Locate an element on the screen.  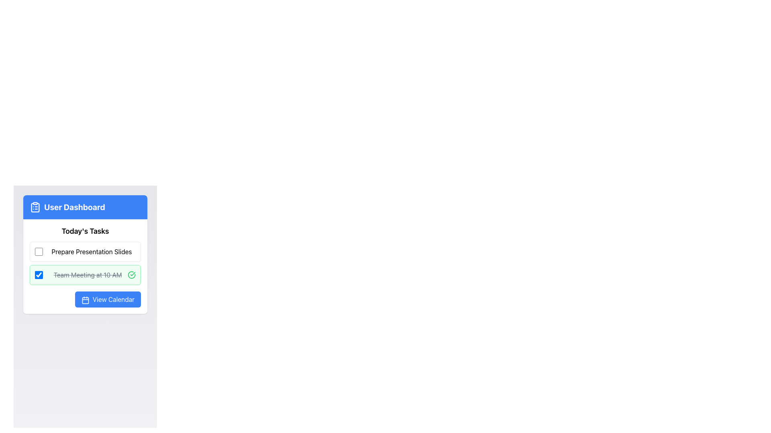
the Static Text Display that serves as a title or section header for the list of tasks, positioned under the 'User Dashboard' header is located at coordinates (85, 231).